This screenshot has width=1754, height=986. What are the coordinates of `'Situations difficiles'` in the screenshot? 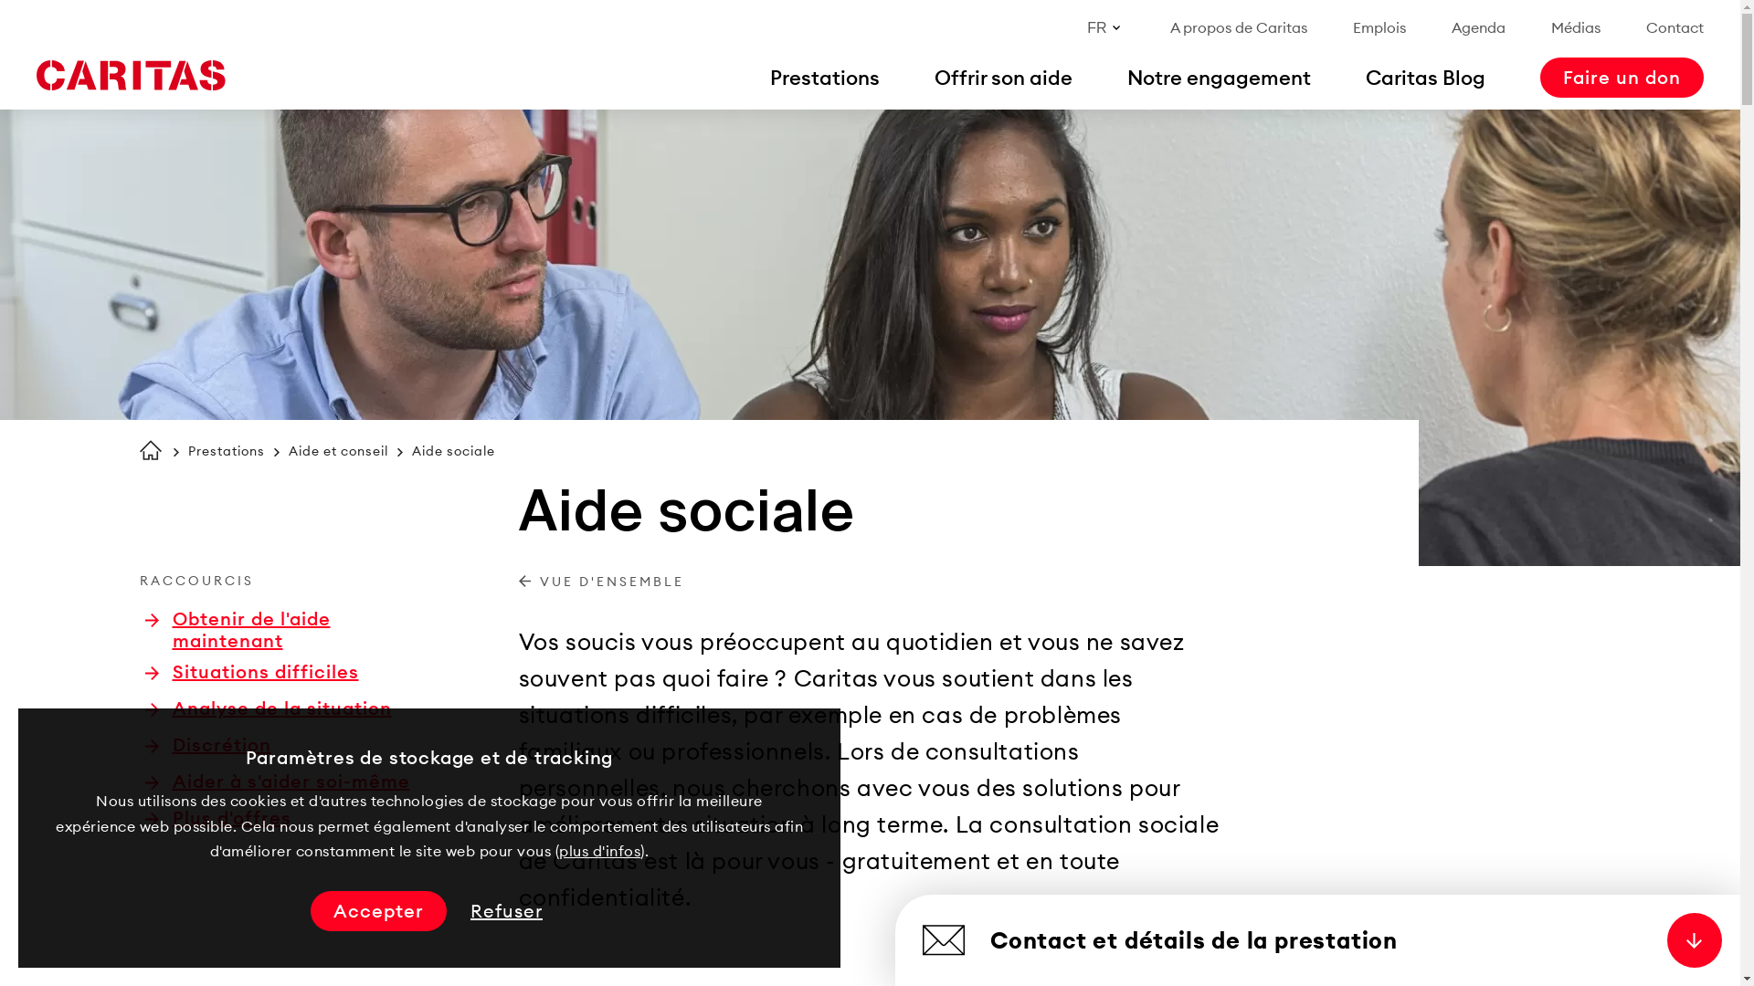 It's located at (249, 672).